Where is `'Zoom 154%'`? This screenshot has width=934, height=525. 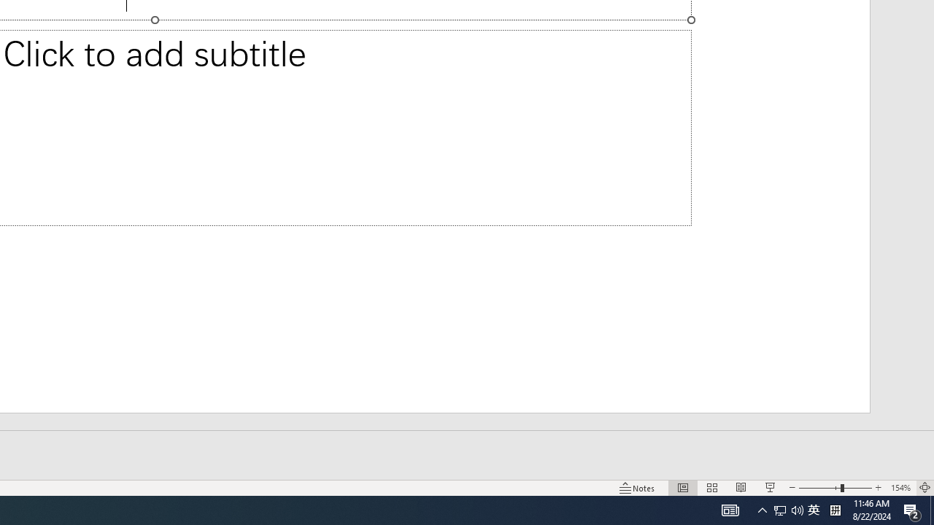 'Zoom 154%' is located at coordinates (900, 488).